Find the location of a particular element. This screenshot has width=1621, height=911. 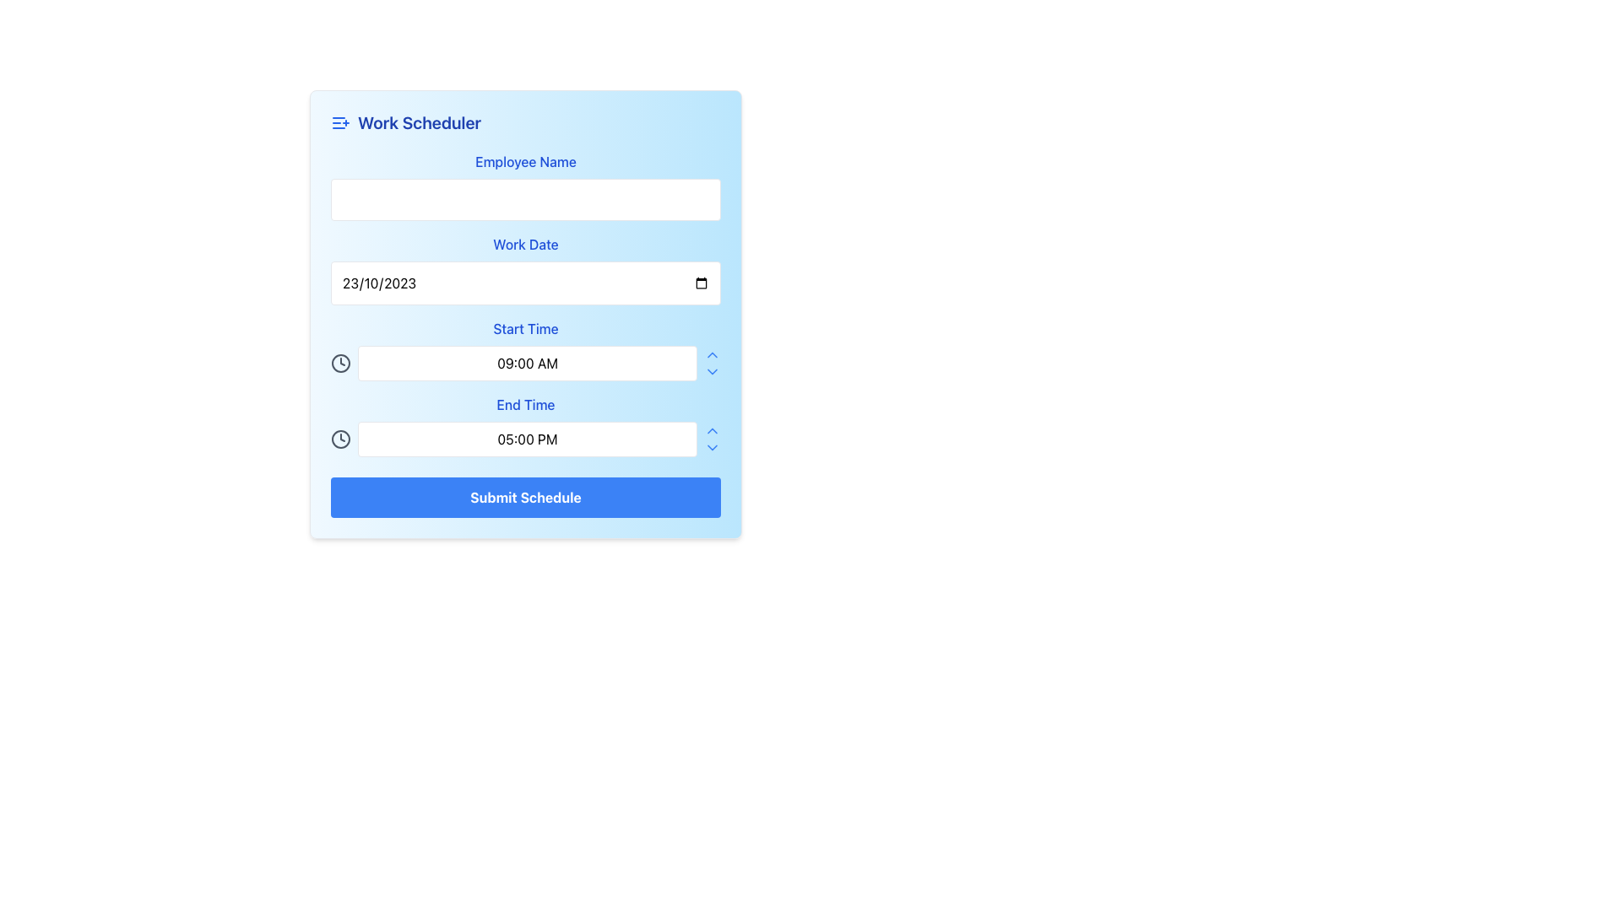

the downward-pointing arrow icon button next to the 'End Time' input field is located at coordinates (713, 447).